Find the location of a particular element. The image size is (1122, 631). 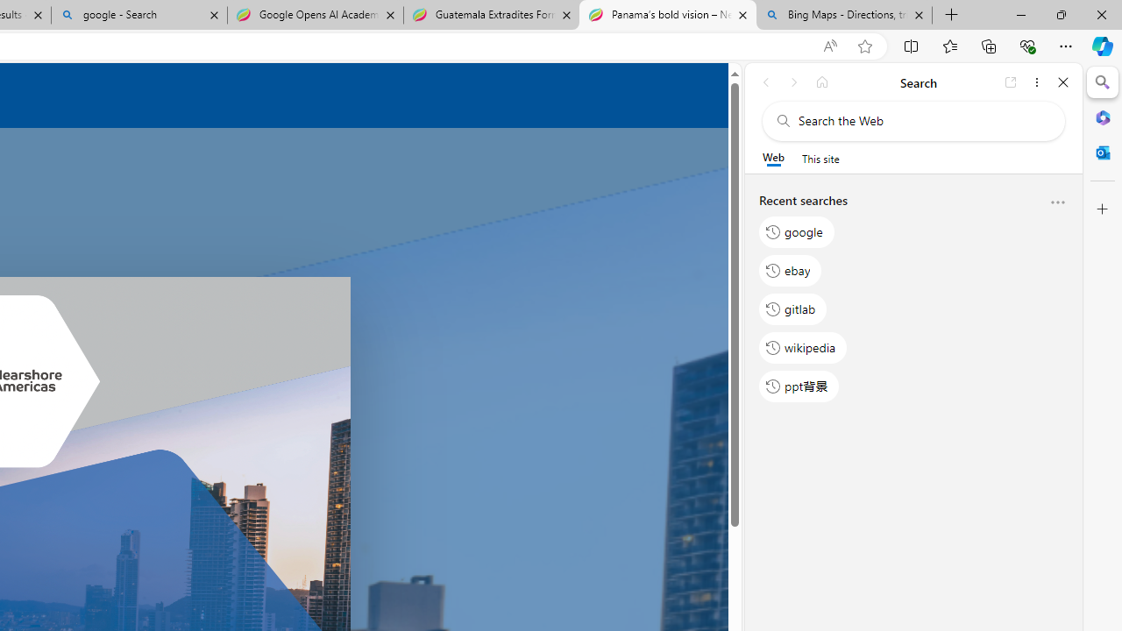

'Copilot (Ctrl+Shift+.)' is located at coordinates (1102, 45).